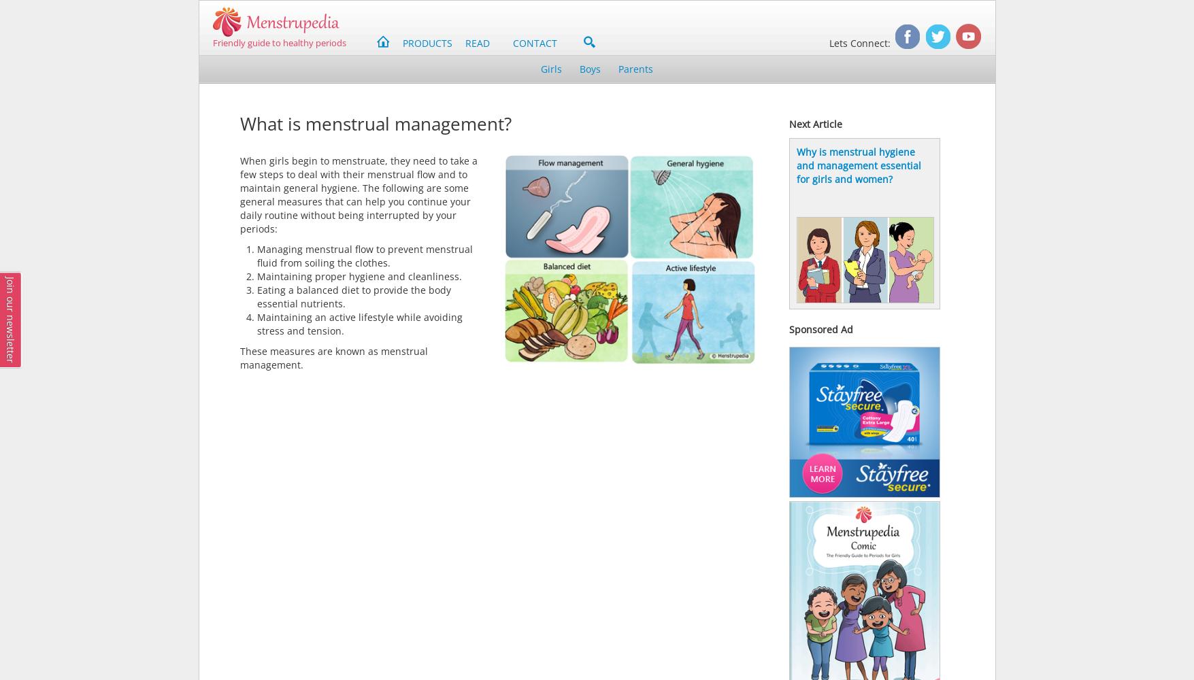 This screenshot has width=1194, height=680. I want to click on 'CONTACT', so click(534, 42).